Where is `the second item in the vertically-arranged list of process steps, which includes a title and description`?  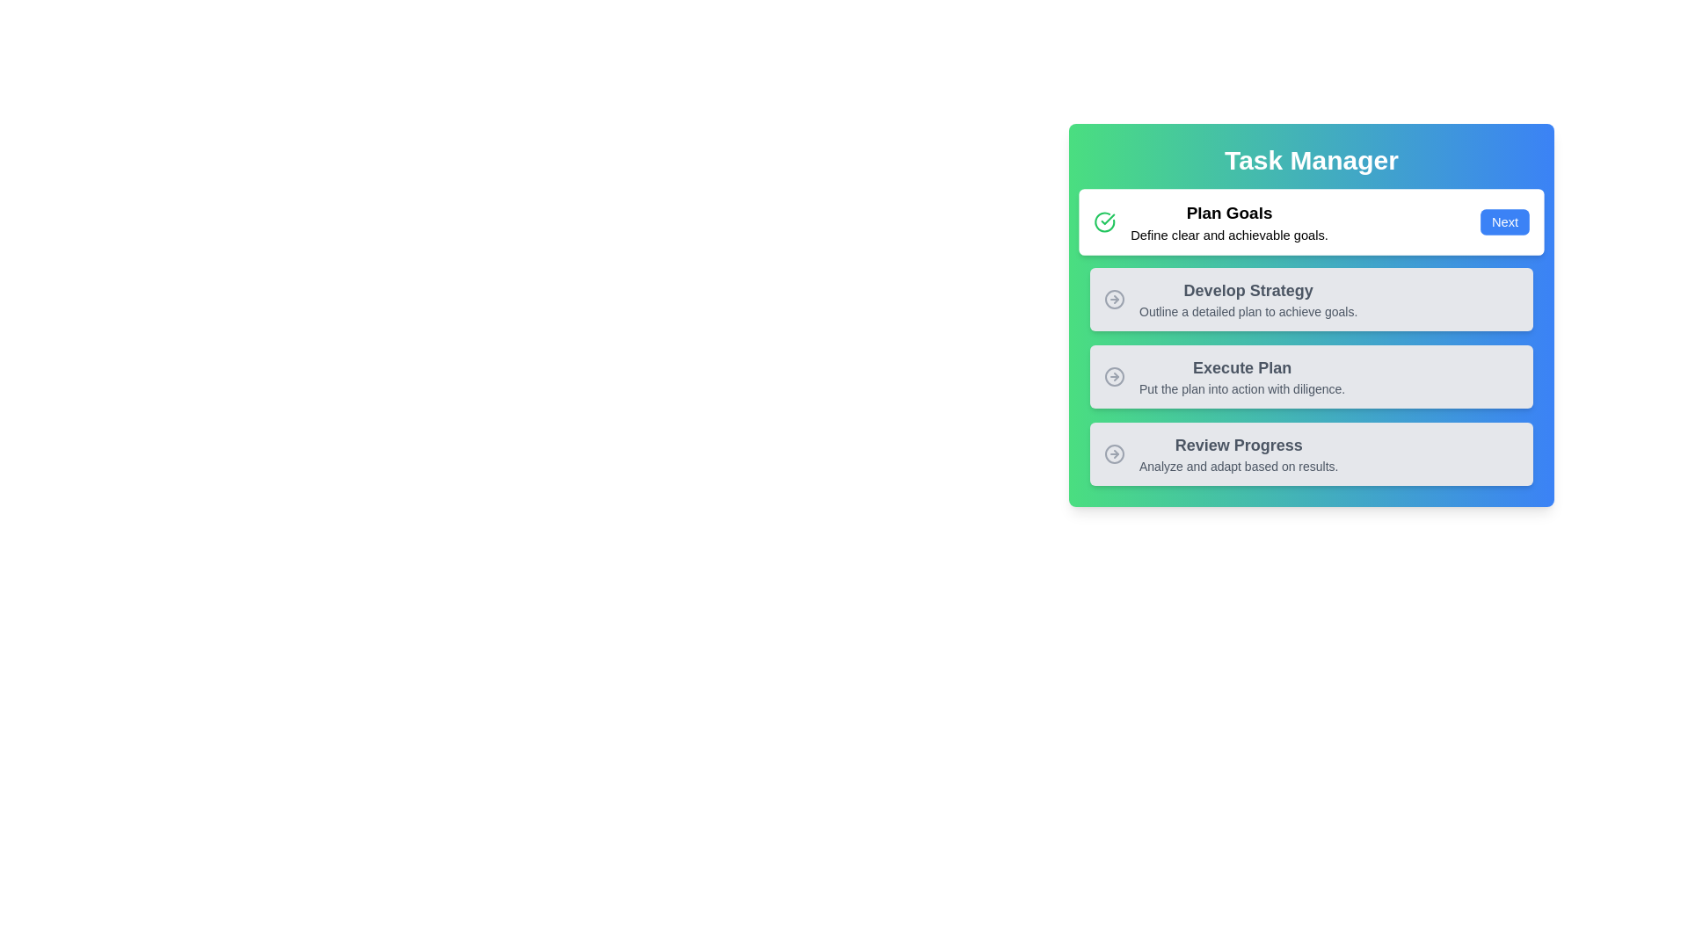 the second item in the vertically-arranged list of process steps, which includes a title and description is located at coordinates (1312, 338).